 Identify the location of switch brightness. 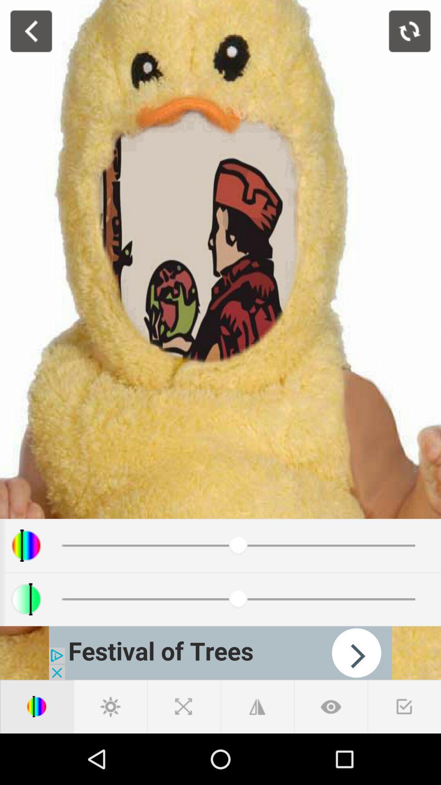
(110, 706).